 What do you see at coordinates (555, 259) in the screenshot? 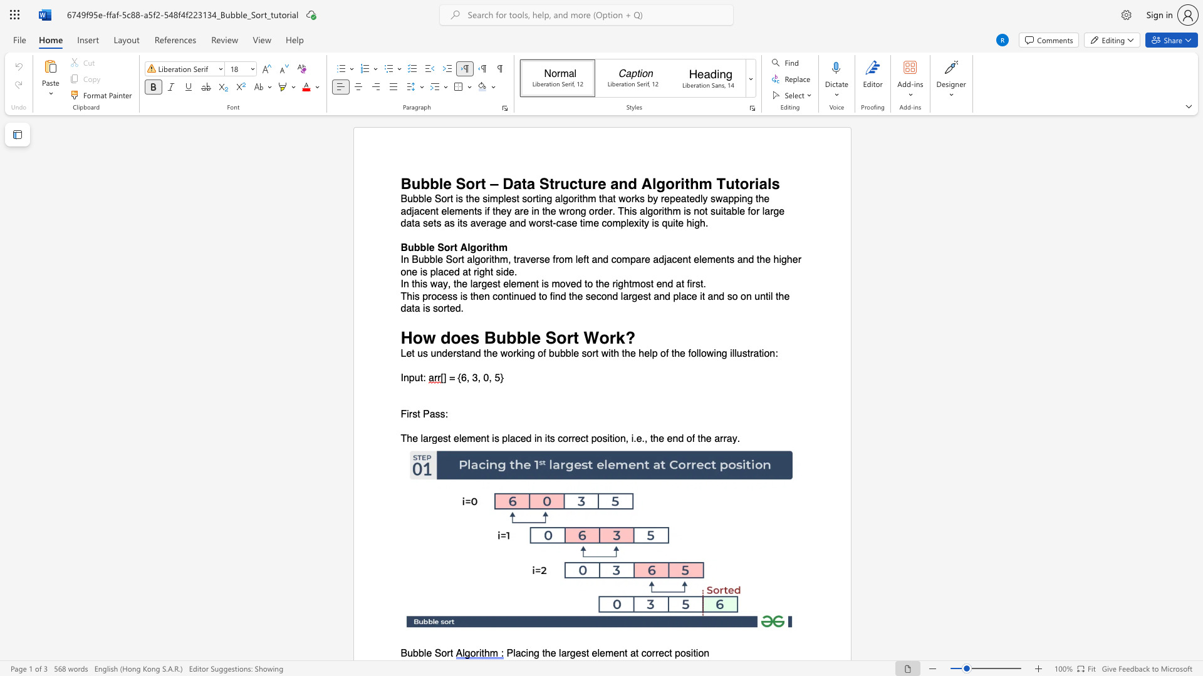
I see `the subset text "rom left and compare adjacent elements a" within the text "In Bubble Sort algorithm, traverse from left and compare adjacent elements and the higher one is placed at right side."` at bounding box center [555, 259].